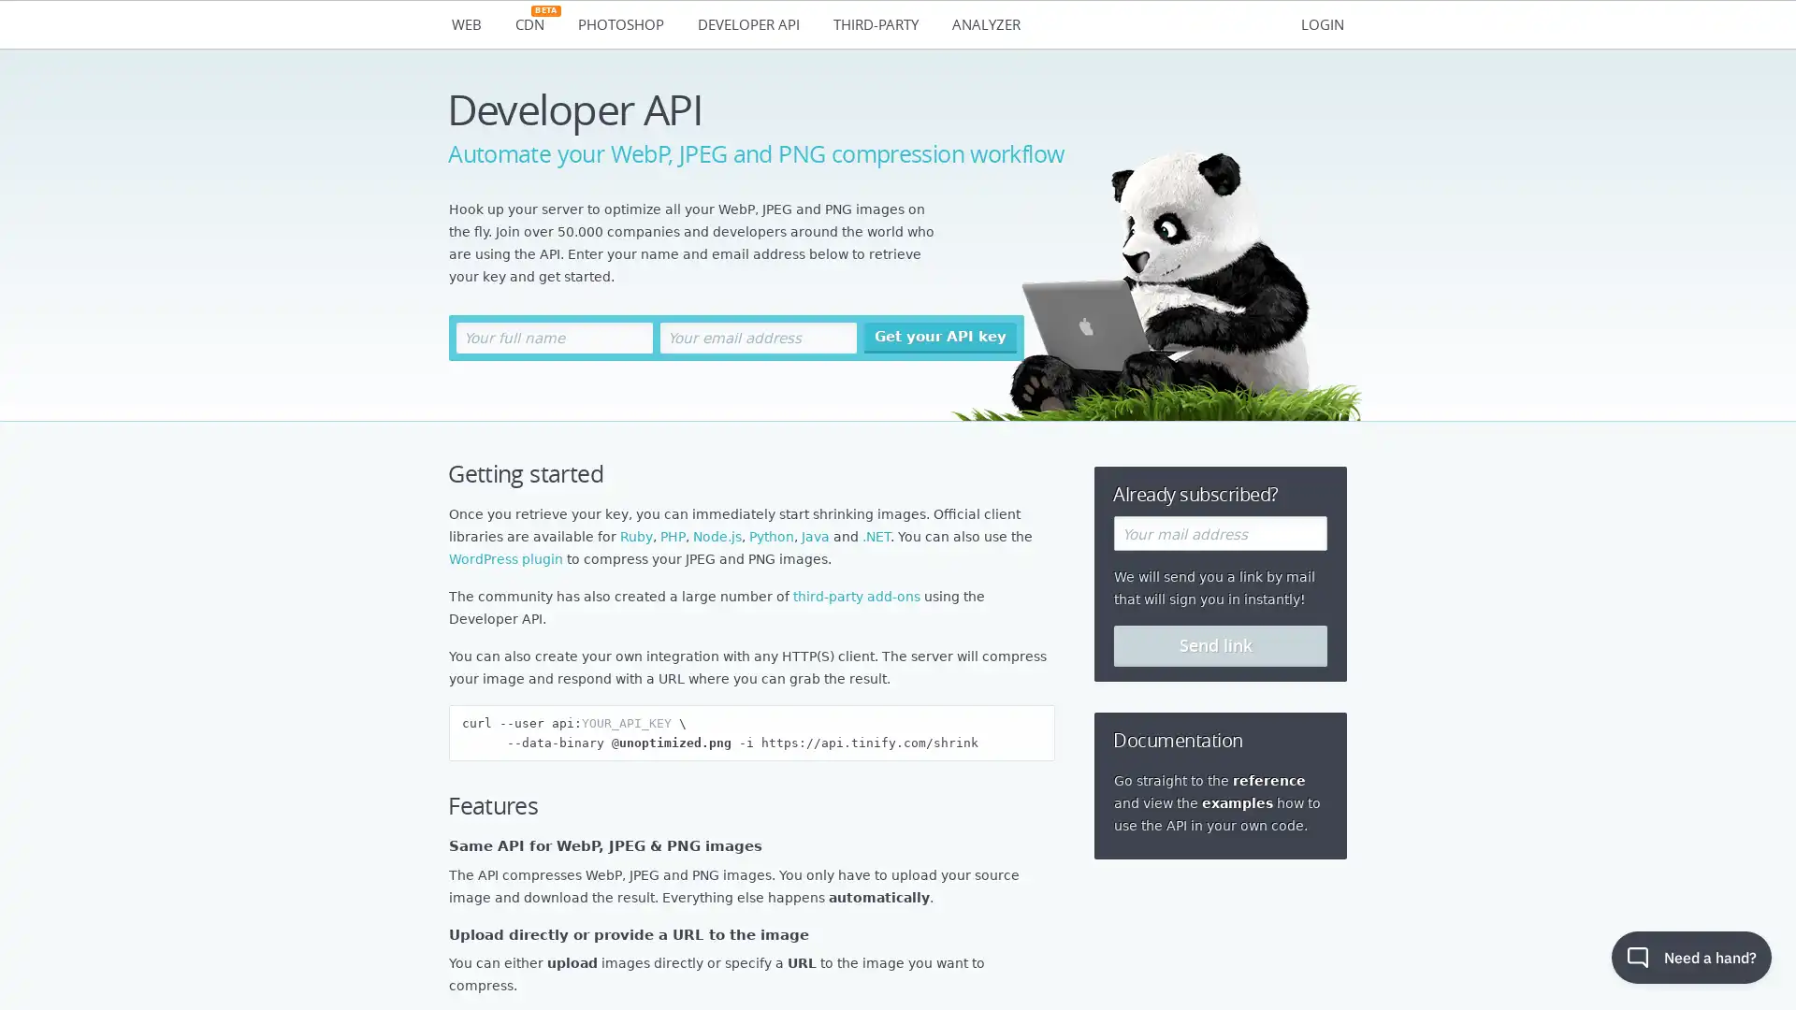 This screenshot has height=1010, width=1796. What do you see at coordinates (940, 338) in the screenshot?
I see `Get your API key` at bounding box center [940, 338].